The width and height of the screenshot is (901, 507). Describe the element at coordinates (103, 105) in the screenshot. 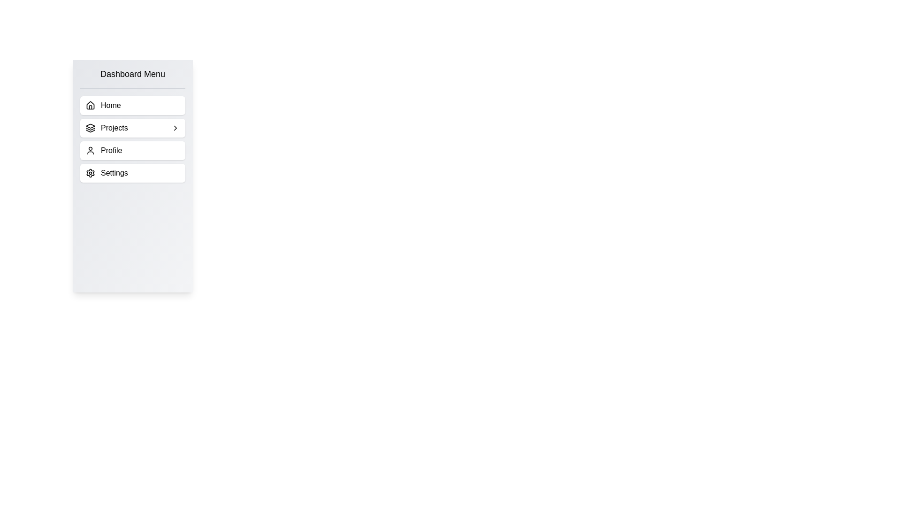

I see `the 'Home' Navigation Menu Item located at the top-left corner of the menu` at that location.